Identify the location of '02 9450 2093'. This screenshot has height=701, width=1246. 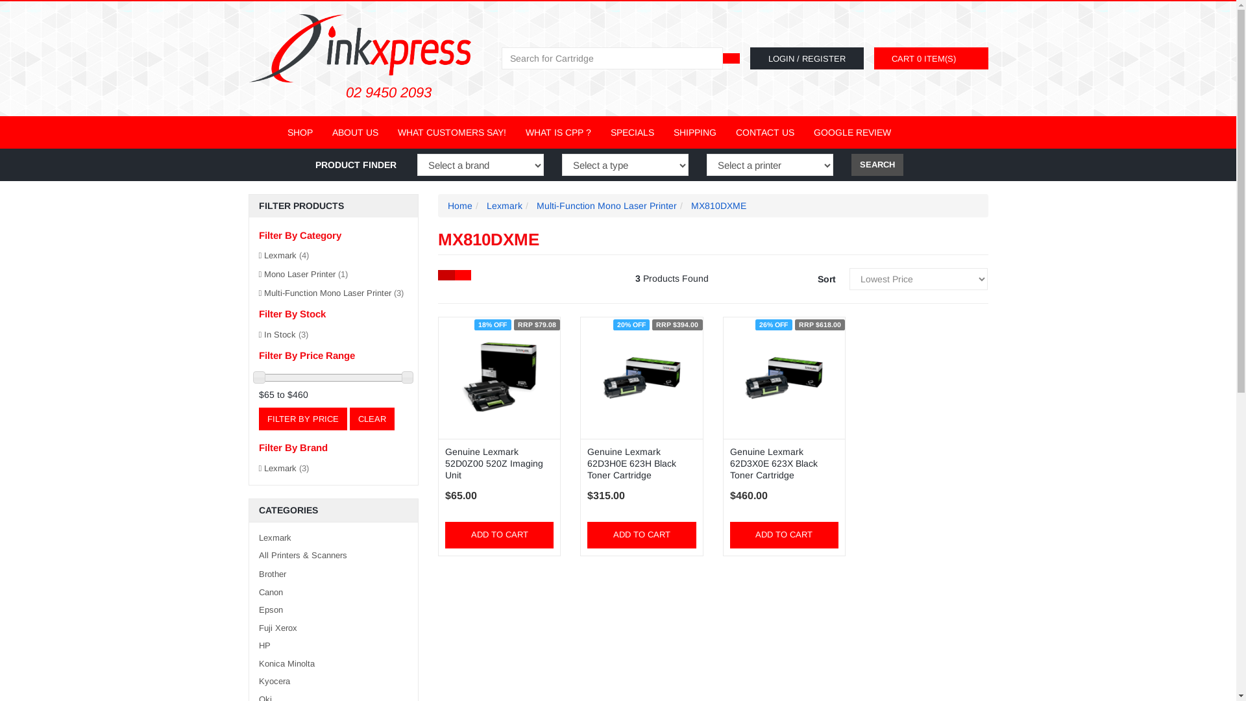
(339, 92).